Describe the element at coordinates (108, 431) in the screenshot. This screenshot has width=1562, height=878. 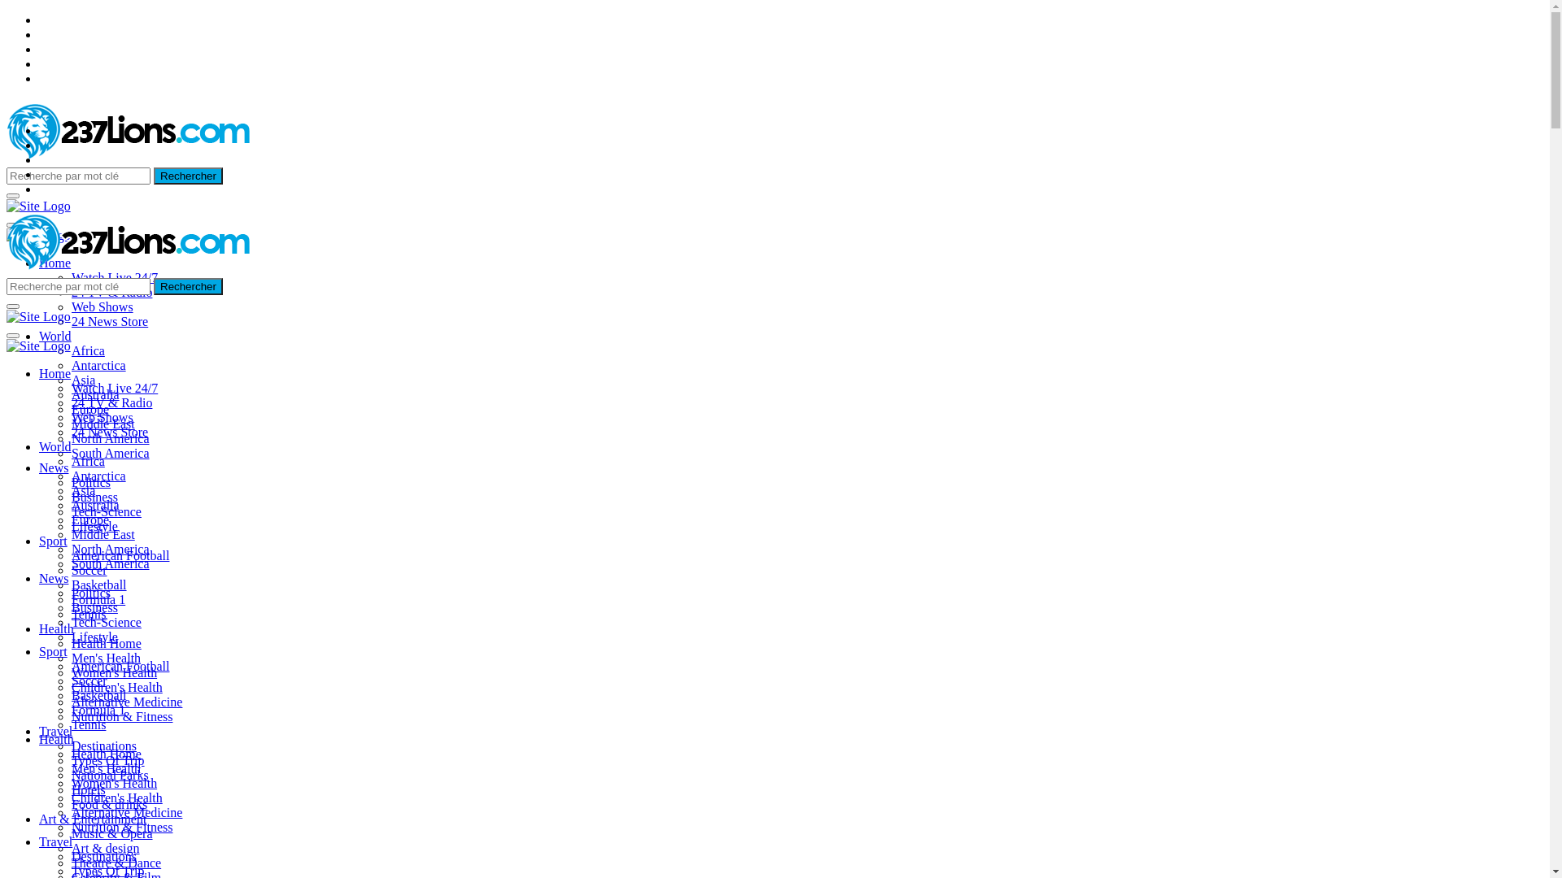
I see `'24 News Store'` at that location.